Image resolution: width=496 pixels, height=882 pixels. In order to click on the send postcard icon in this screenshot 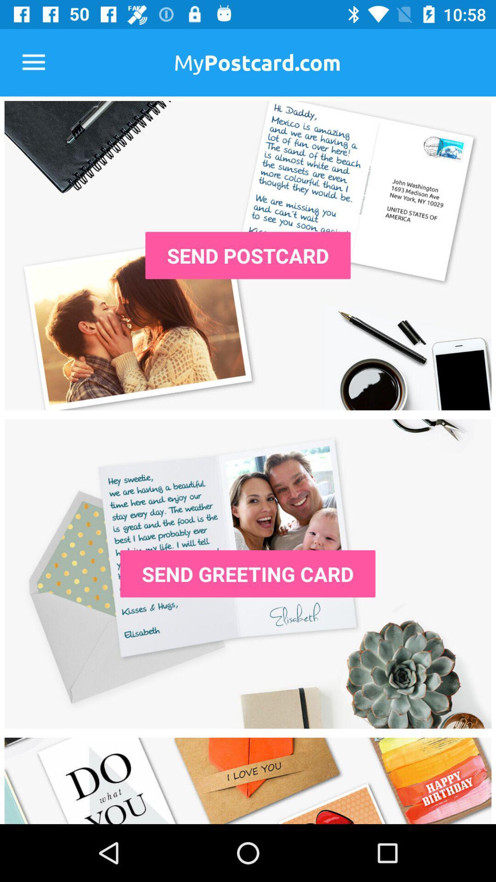, I will do `click(248, 255)`.